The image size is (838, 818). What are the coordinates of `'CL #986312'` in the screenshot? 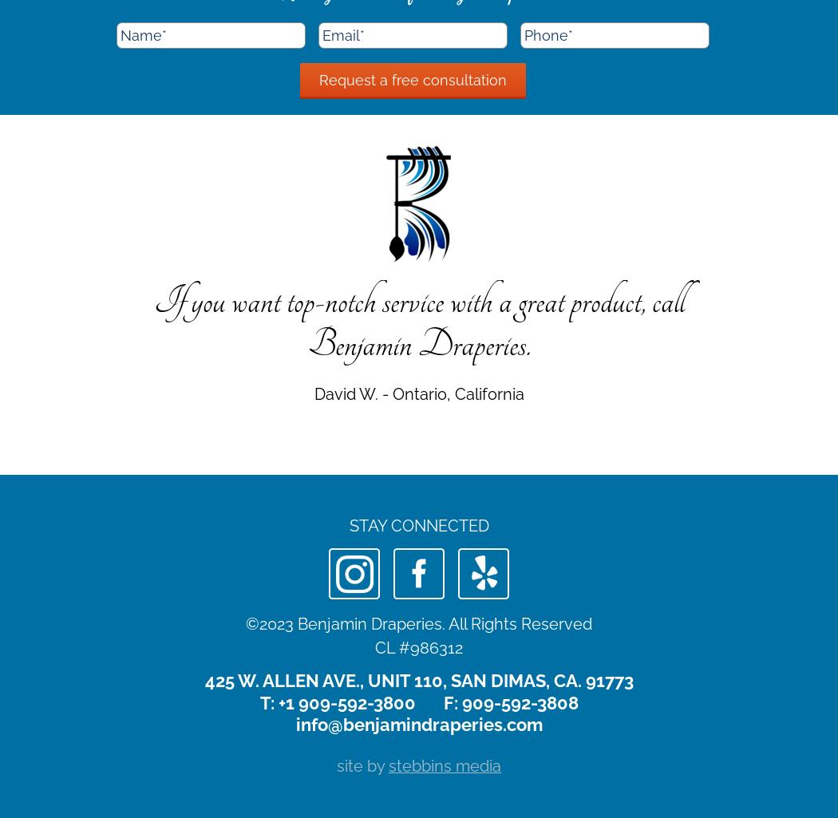 It's located at (419, 646).